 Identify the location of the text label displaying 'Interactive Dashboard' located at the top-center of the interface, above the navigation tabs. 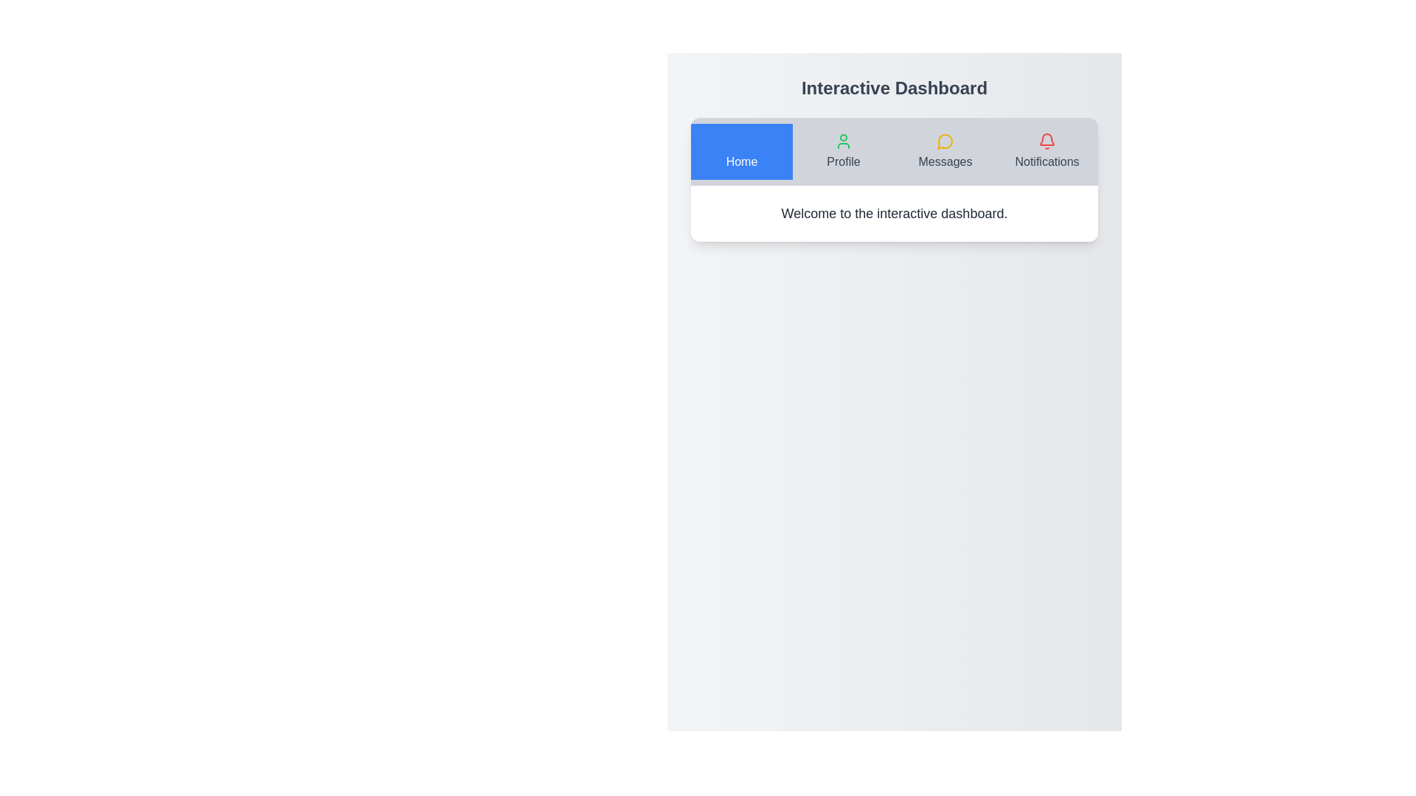
(894, 88).